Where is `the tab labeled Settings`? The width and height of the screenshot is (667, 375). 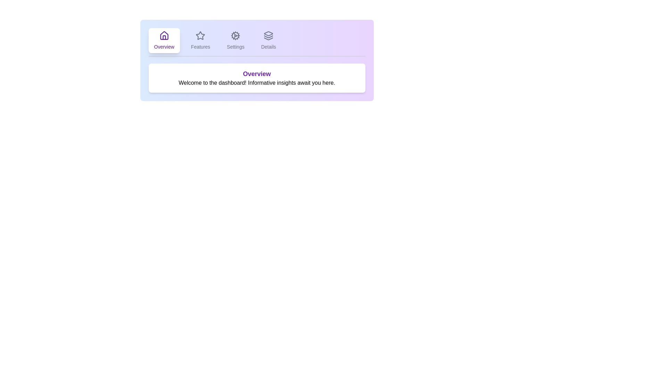
the tab labeled Settings is located at coordinates (236, 40).